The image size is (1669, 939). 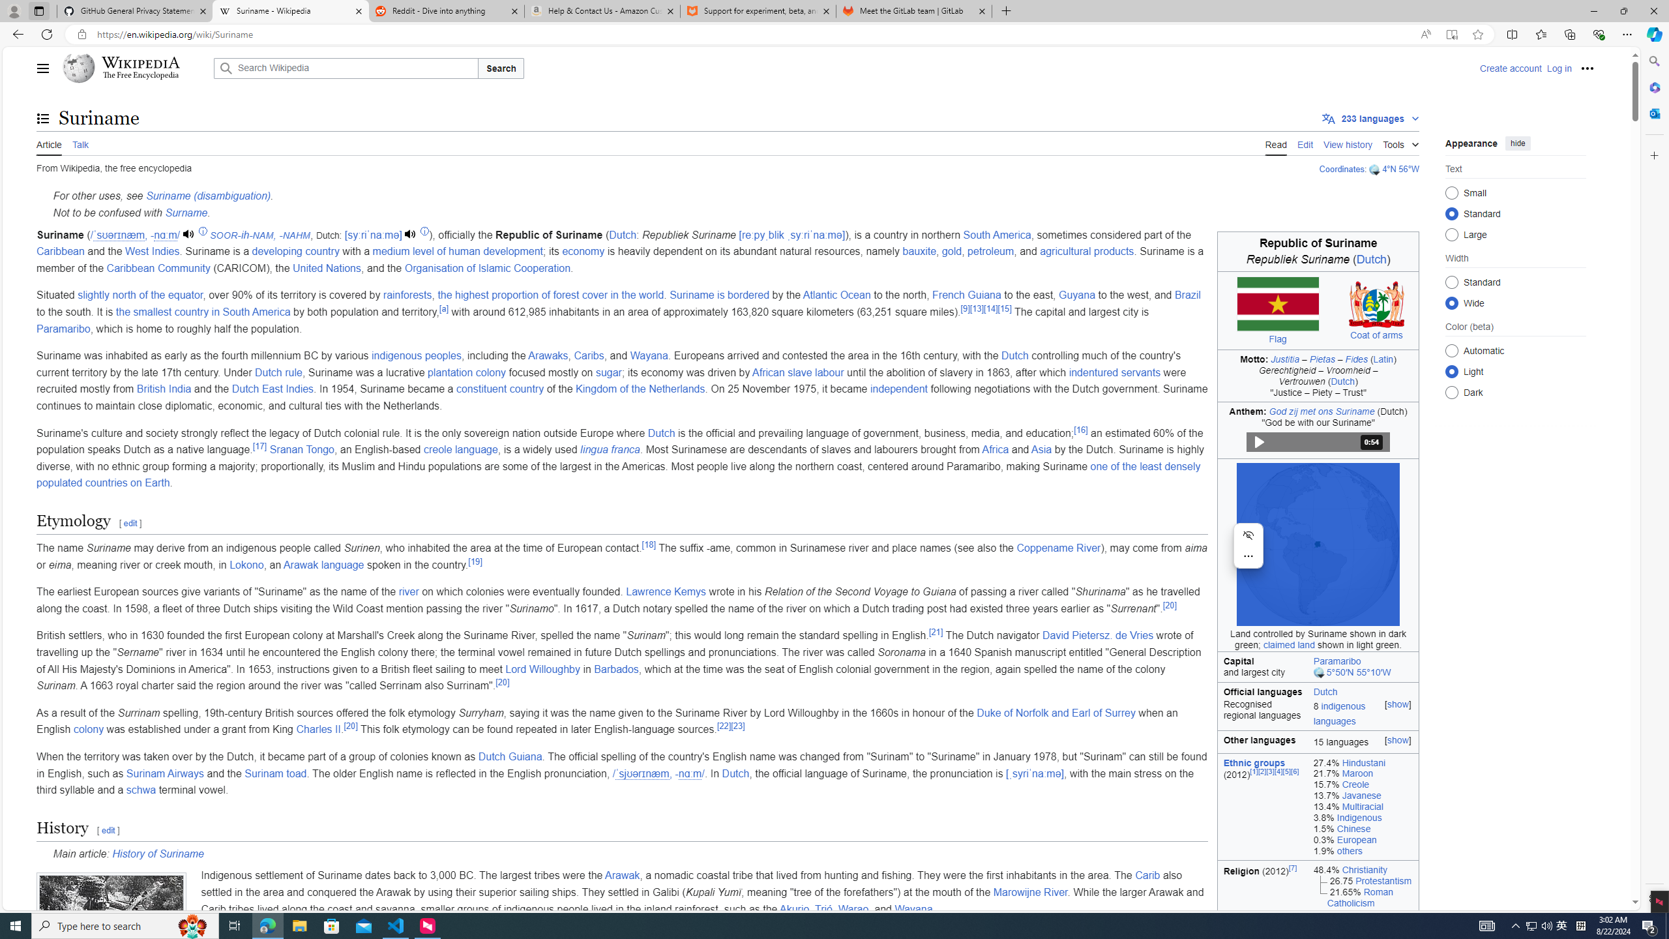 I want to click on 'British India', so click(x=164, y=388).